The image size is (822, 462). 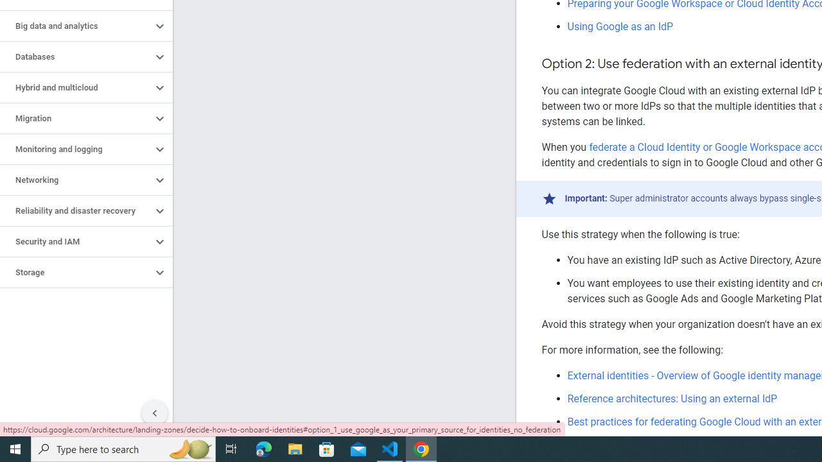 I want to click on 'Hide side navigation', so click(x=154, y=413).